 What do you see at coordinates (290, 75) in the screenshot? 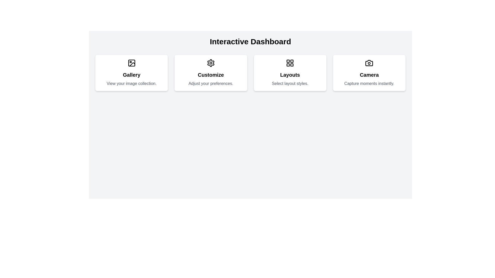
I see `the main title text located within the third box from the left in a row of four interactive boxes` at bounding box center [290, 75].